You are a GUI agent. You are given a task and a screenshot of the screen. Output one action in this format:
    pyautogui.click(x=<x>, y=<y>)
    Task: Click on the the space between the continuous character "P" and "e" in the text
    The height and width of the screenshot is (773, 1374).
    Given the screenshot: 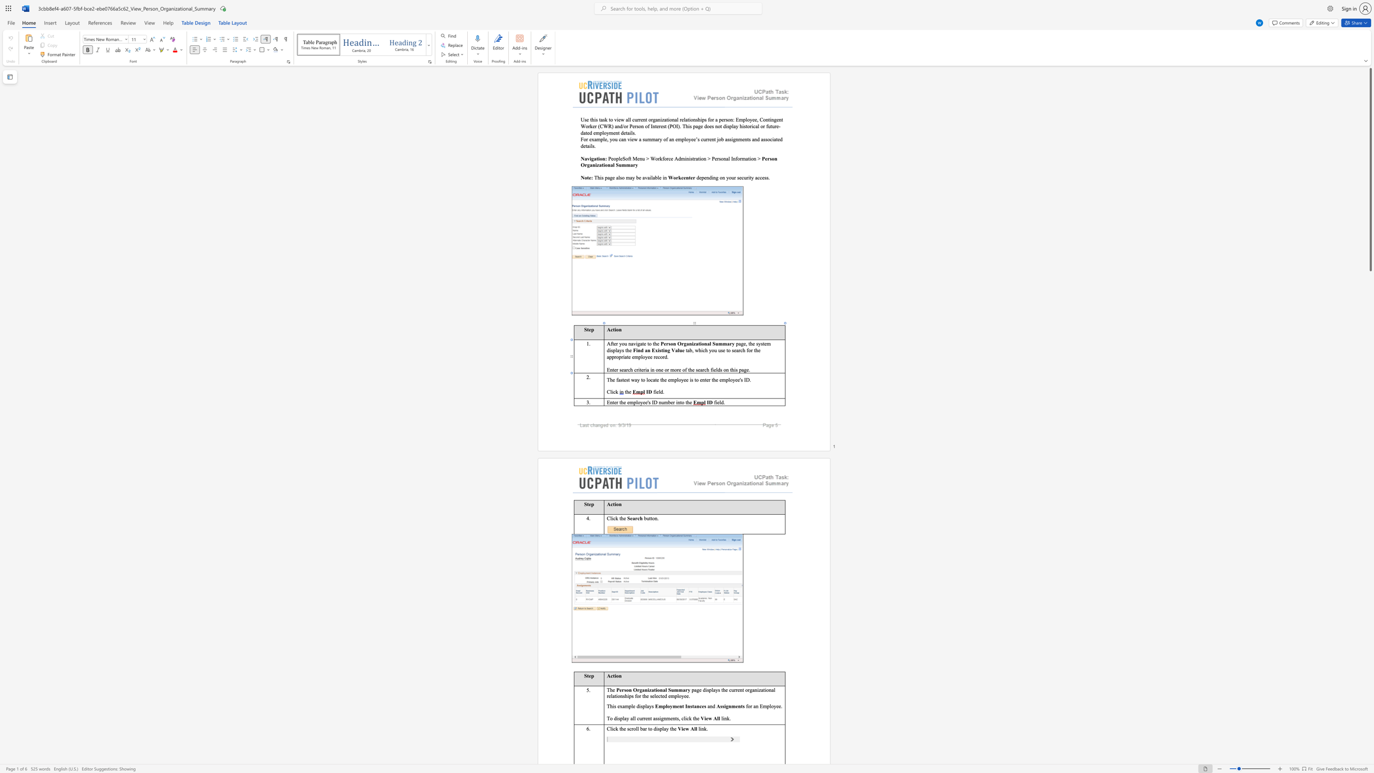 What is the action you would take?
    pyautogui.click(x=619, y=690)
    